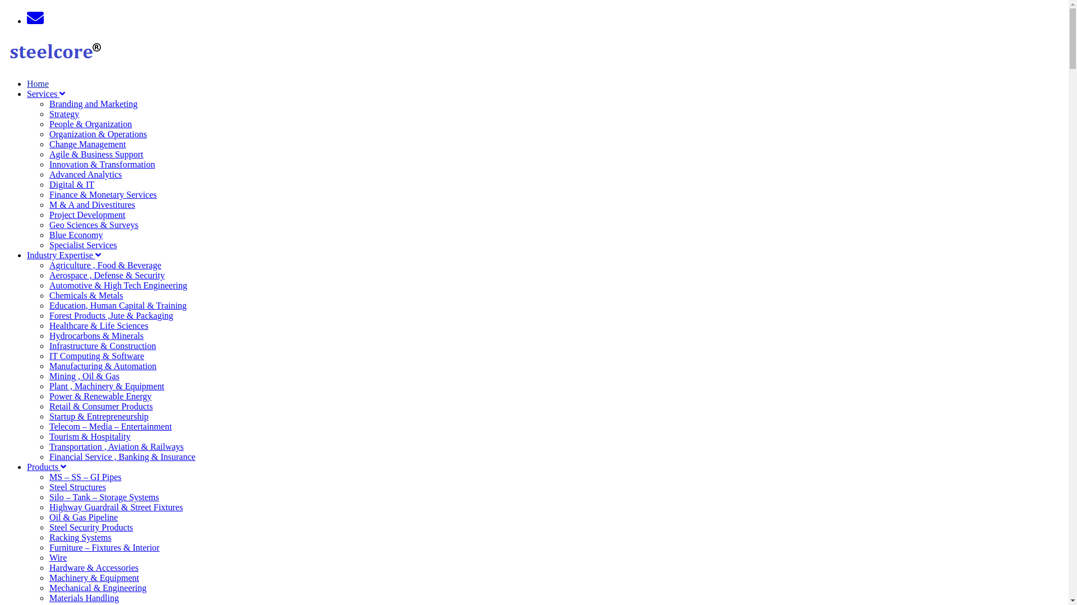 The image size is (1077, 605). I want to click on 'Chemicals & Metals', so click(85, 295).